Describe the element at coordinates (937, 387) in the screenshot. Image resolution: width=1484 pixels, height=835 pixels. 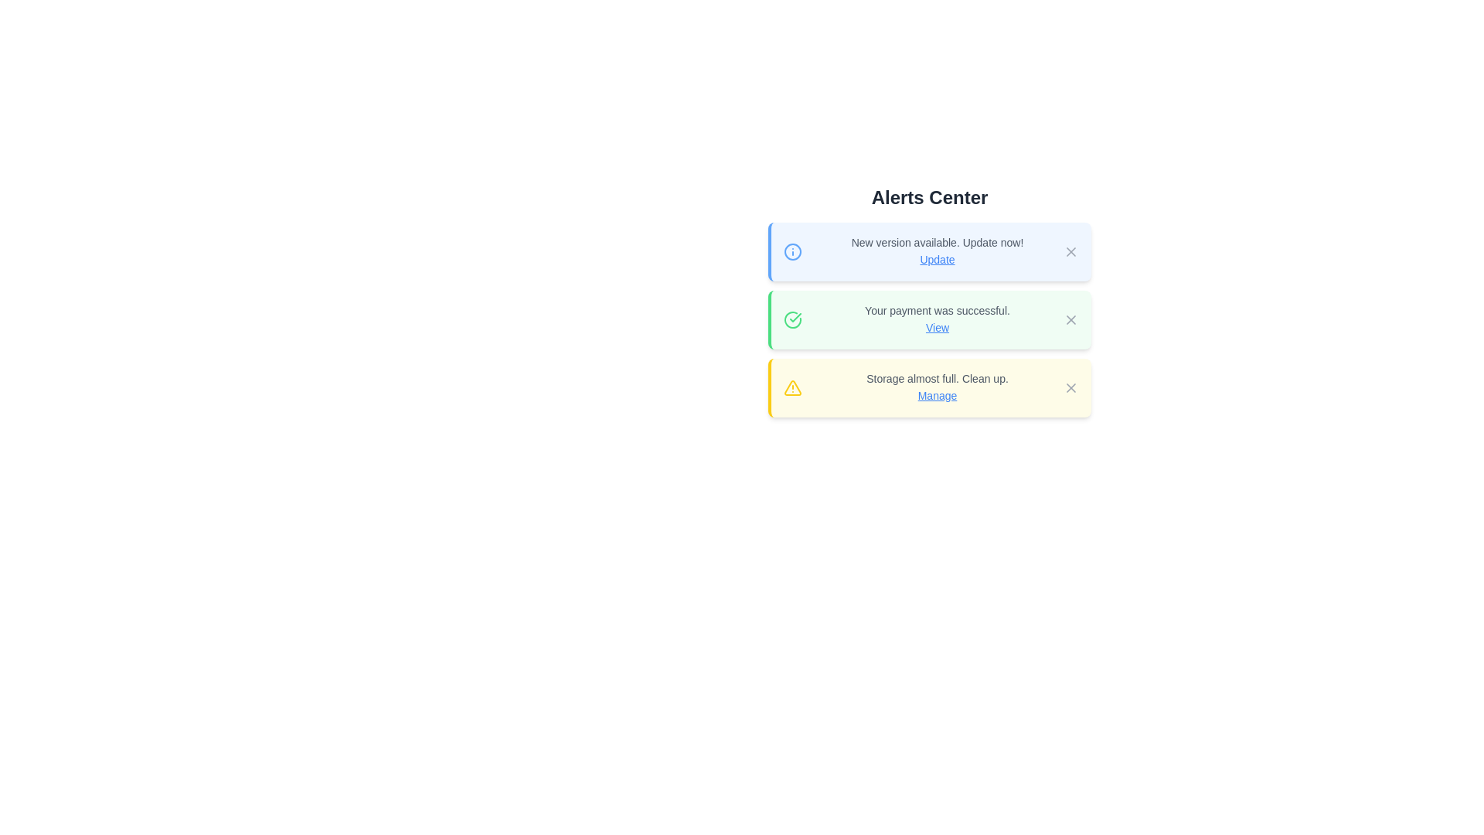
I see `informational text from the Notification text block with a hyperlink located in the yellow-bordered notification box in the 'Alerts Center' section, which informs about storage nearing its full capacity` at that location.